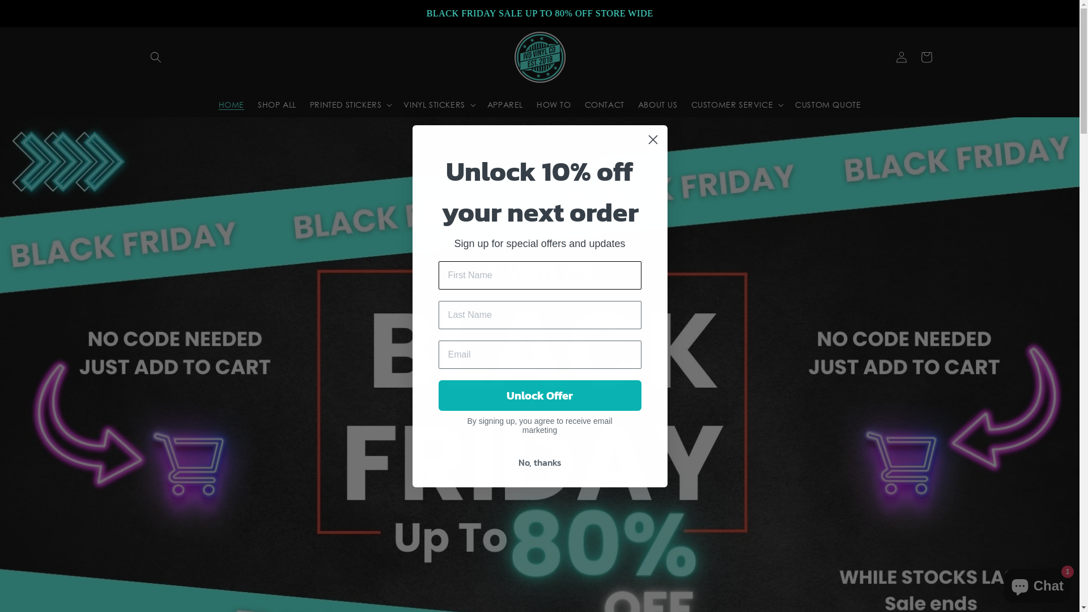  What do you see at coordinates (231, 105) in the screenshot?
I see `'HOME'` at bounding box center [231, 105].